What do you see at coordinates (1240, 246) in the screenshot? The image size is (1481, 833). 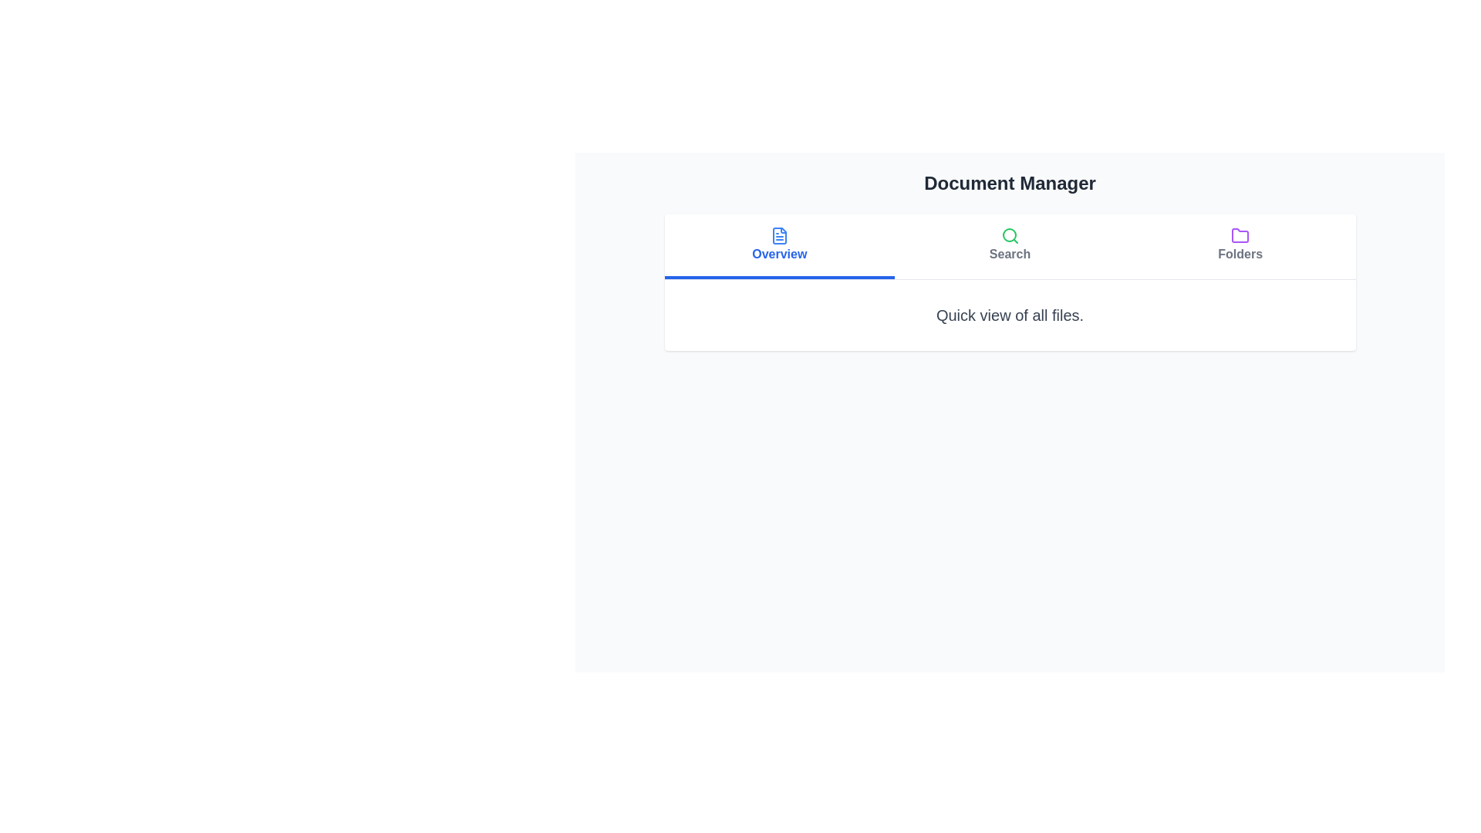 I see `the 'Folders' navigation tab located on the far right of the navigation bar` at bounding box center [1240, 246].